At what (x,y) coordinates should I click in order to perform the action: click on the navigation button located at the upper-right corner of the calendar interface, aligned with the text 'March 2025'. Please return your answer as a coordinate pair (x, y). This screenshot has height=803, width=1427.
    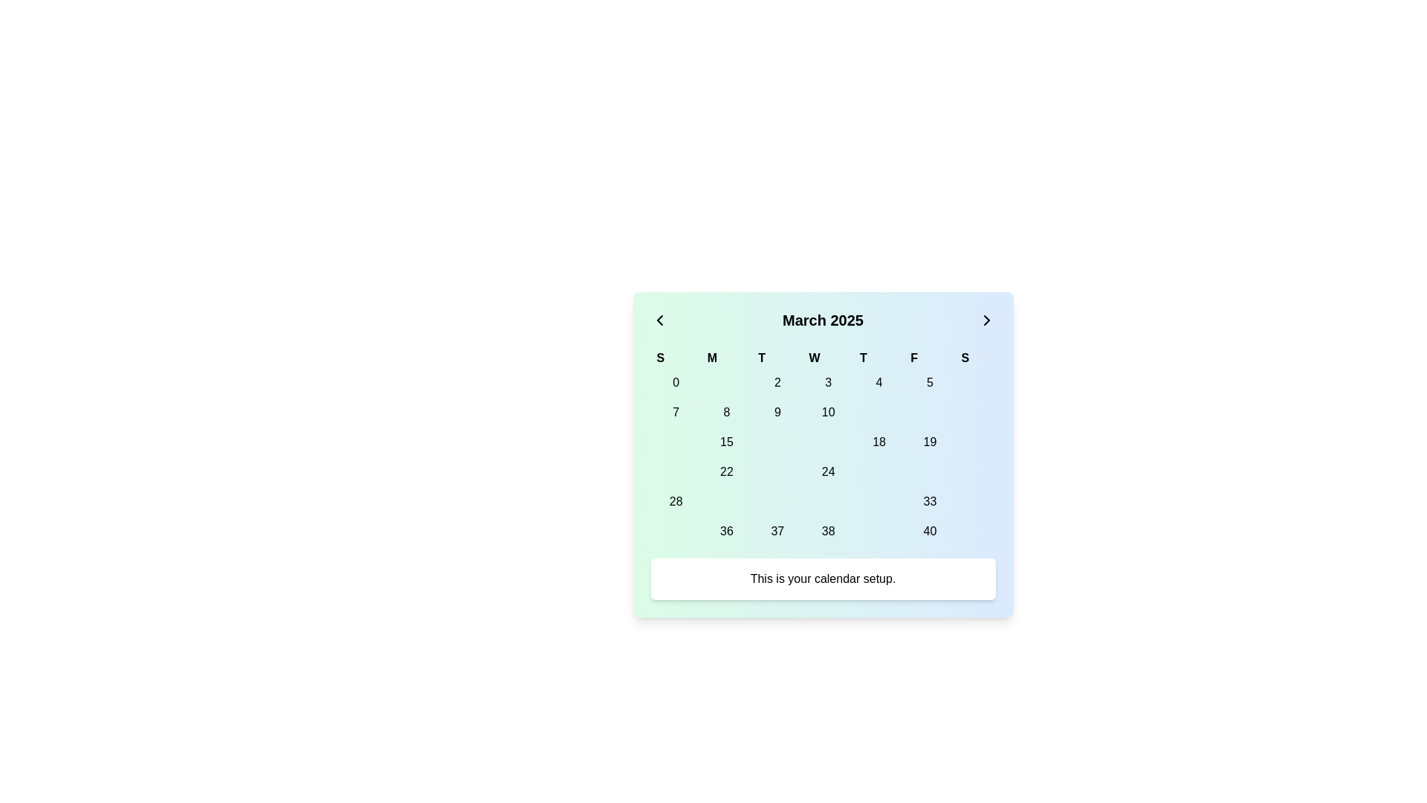
    Looking at the image, I should click on (986, 320).